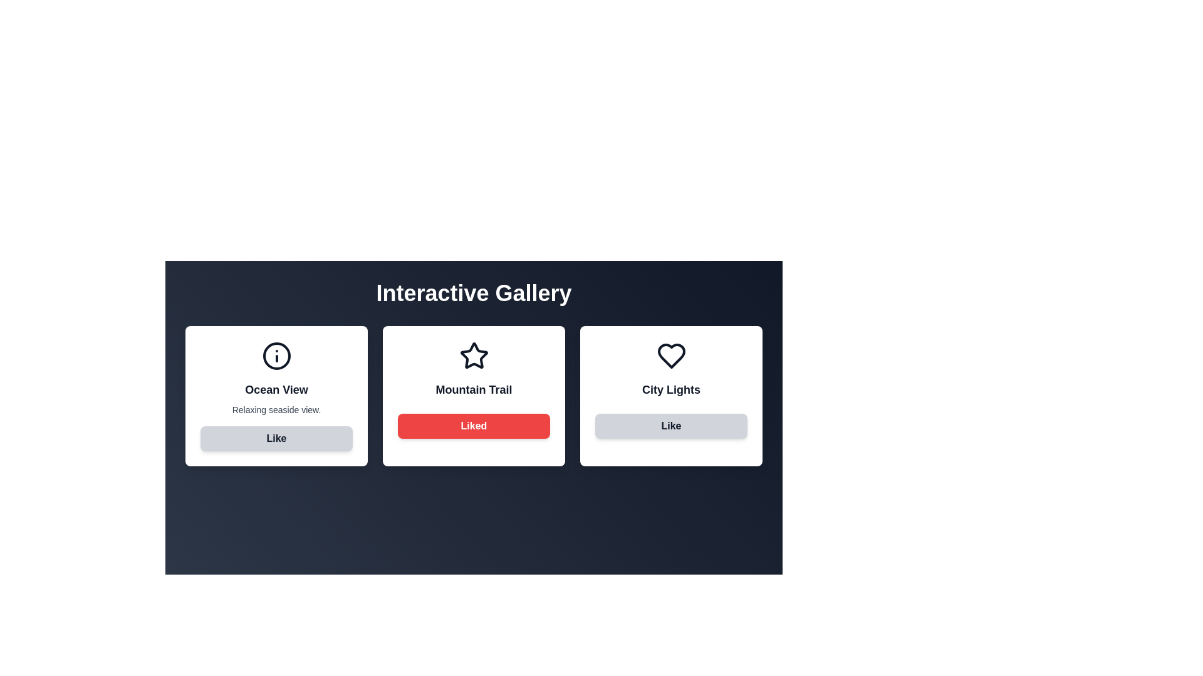 This screenshot has width=1203, height=676. I want to click on the star icon located at the center top of the 'Mountain Trail' card, which serves as a visual indicator for a favorite or rating feature, so click(473, 356).